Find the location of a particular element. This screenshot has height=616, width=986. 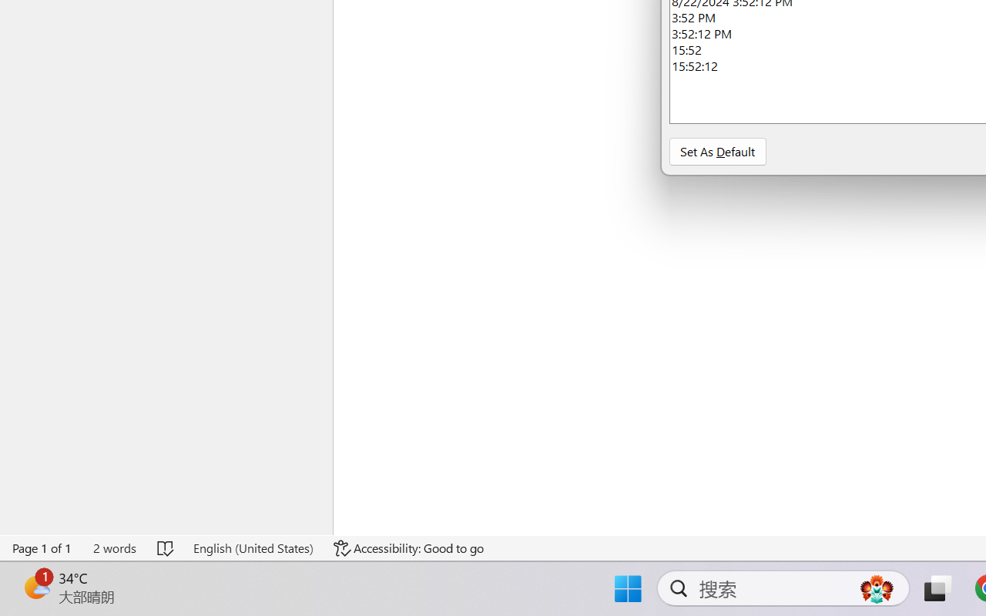

'Accessibility Checker Accessibility: Good to go' is located at coordinates (409, 547).